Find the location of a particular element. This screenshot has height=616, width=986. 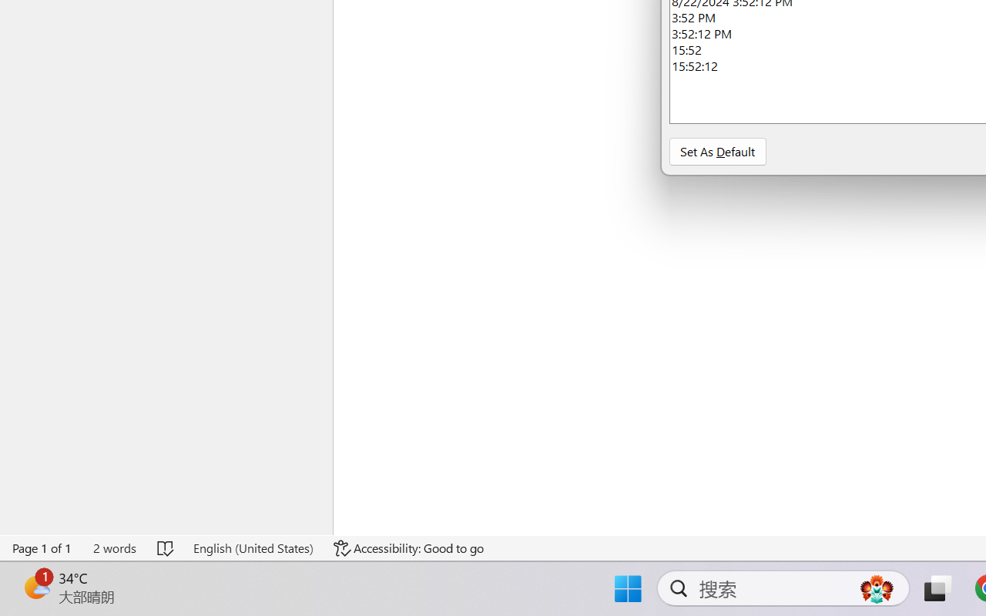

'Accessibility Checker Accessibility: Good to go' is located at coordinates (409, 547).